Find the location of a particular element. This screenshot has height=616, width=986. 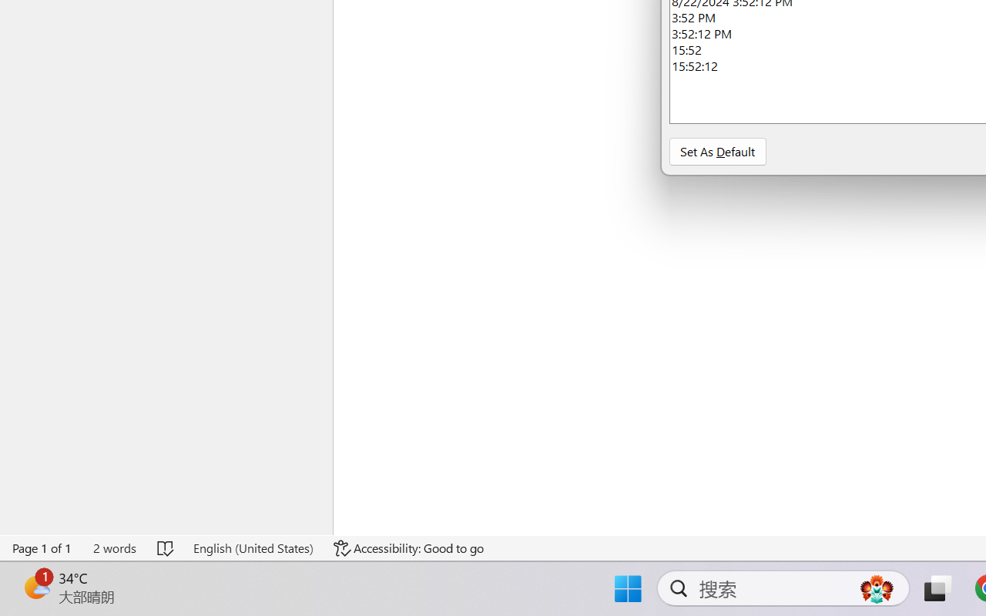

'Accessibility Checker Accessibility: Good to go' is located at coordinates (409, 547).